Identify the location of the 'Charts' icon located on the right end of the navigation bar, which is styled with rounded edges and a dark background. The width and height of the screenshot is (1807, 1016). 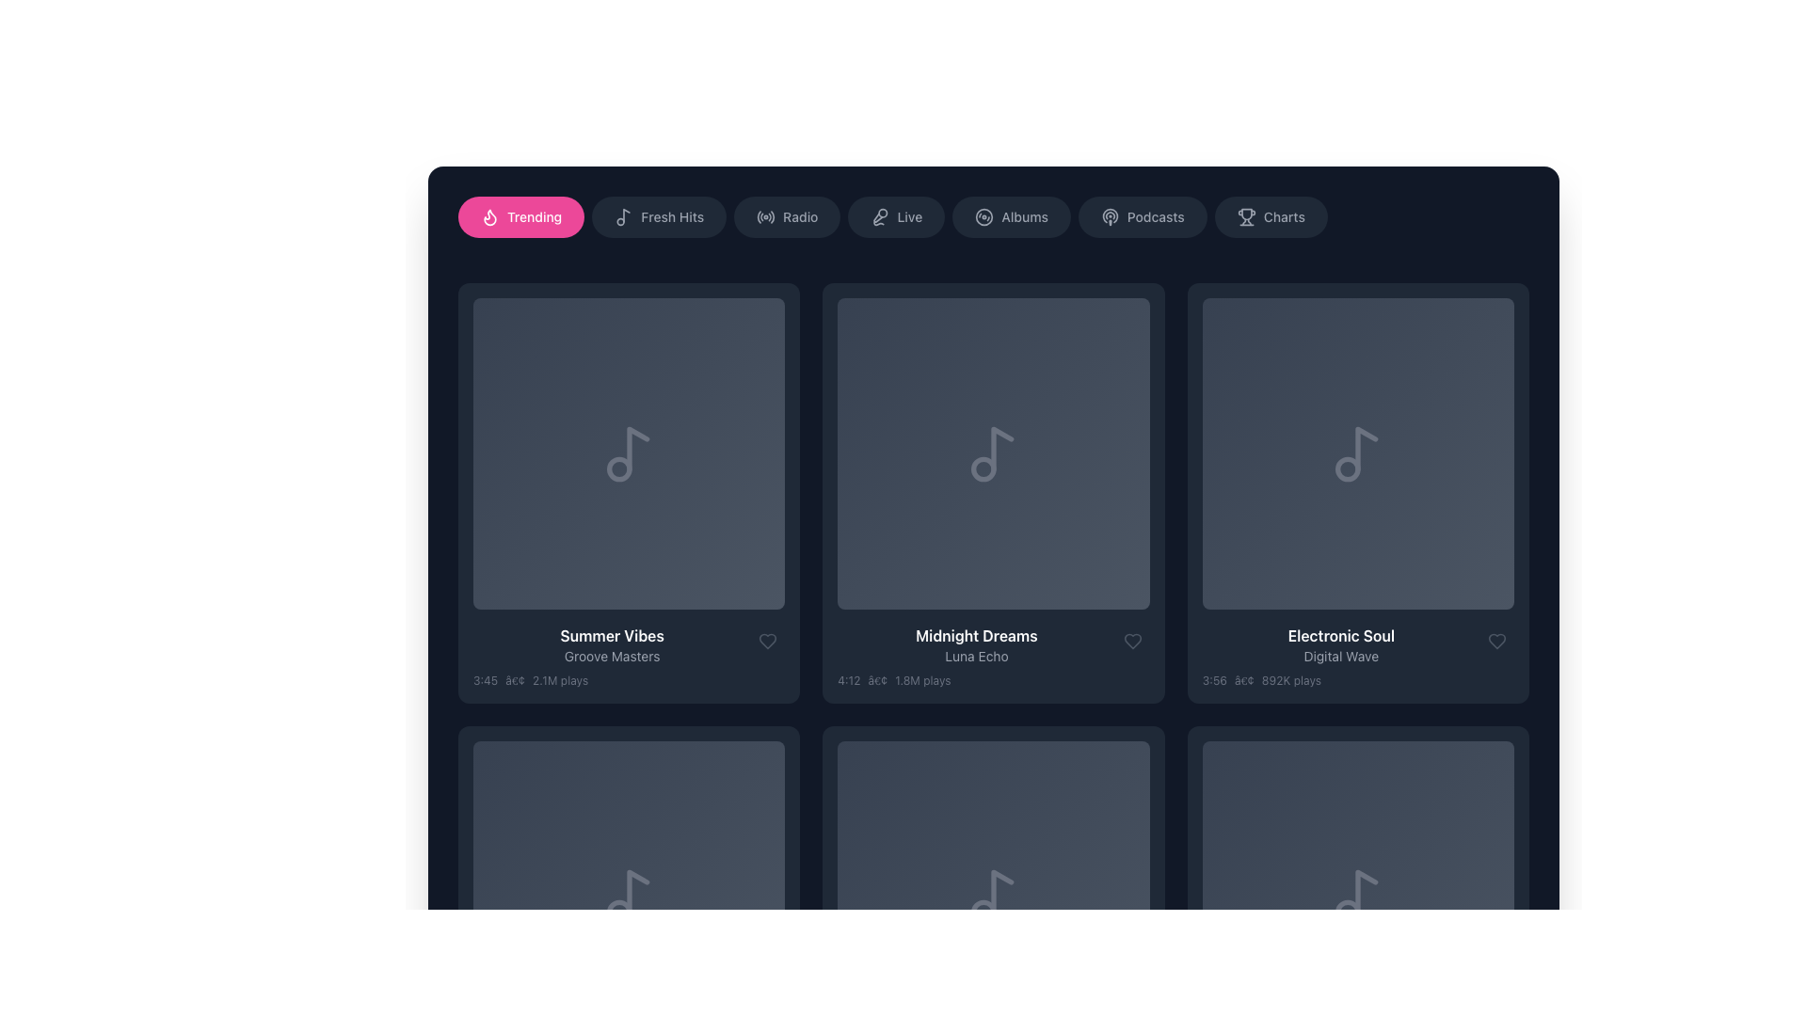
(1246, 216).